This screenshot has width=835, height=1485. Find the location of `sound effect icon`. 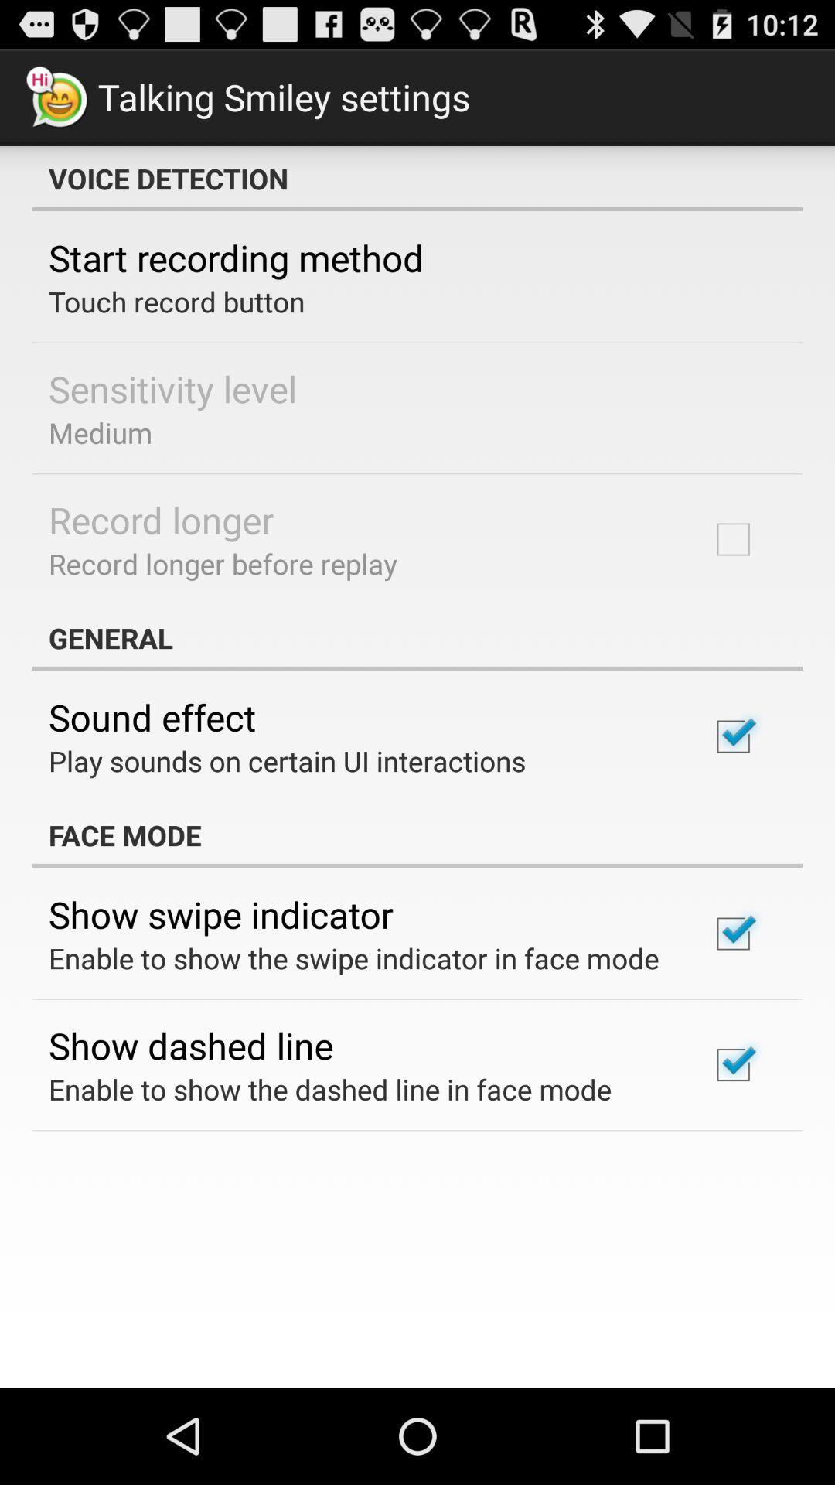

sound effect icon is located at coordinates (152, 716).